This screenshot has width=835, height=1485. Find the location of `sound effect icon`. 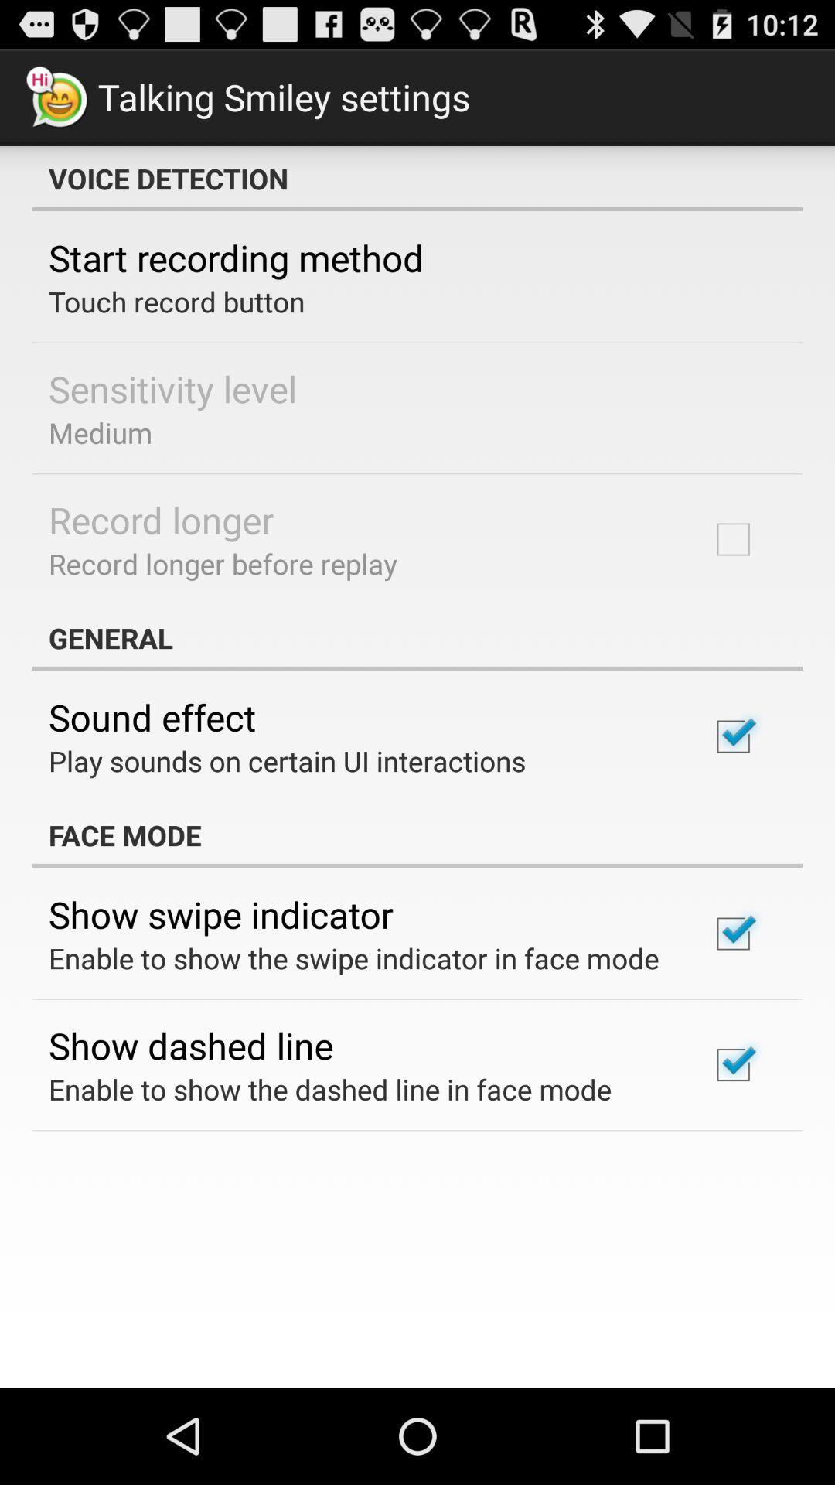

sound effect icon is located at coordinates (152, 716).